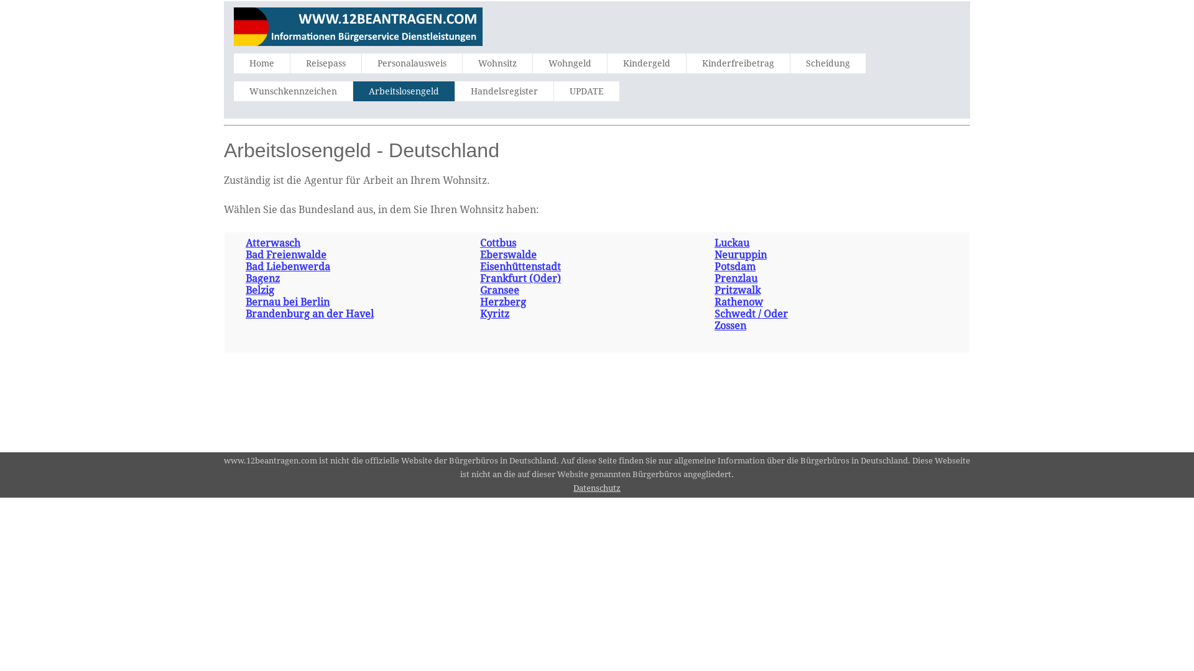 The width and height of the screenshot is (1194, 671). What do you see at coordinates (479, 278) in the screenshot?
I see `'Frankfurt (Oder)'` at bounding box center [479, 278].